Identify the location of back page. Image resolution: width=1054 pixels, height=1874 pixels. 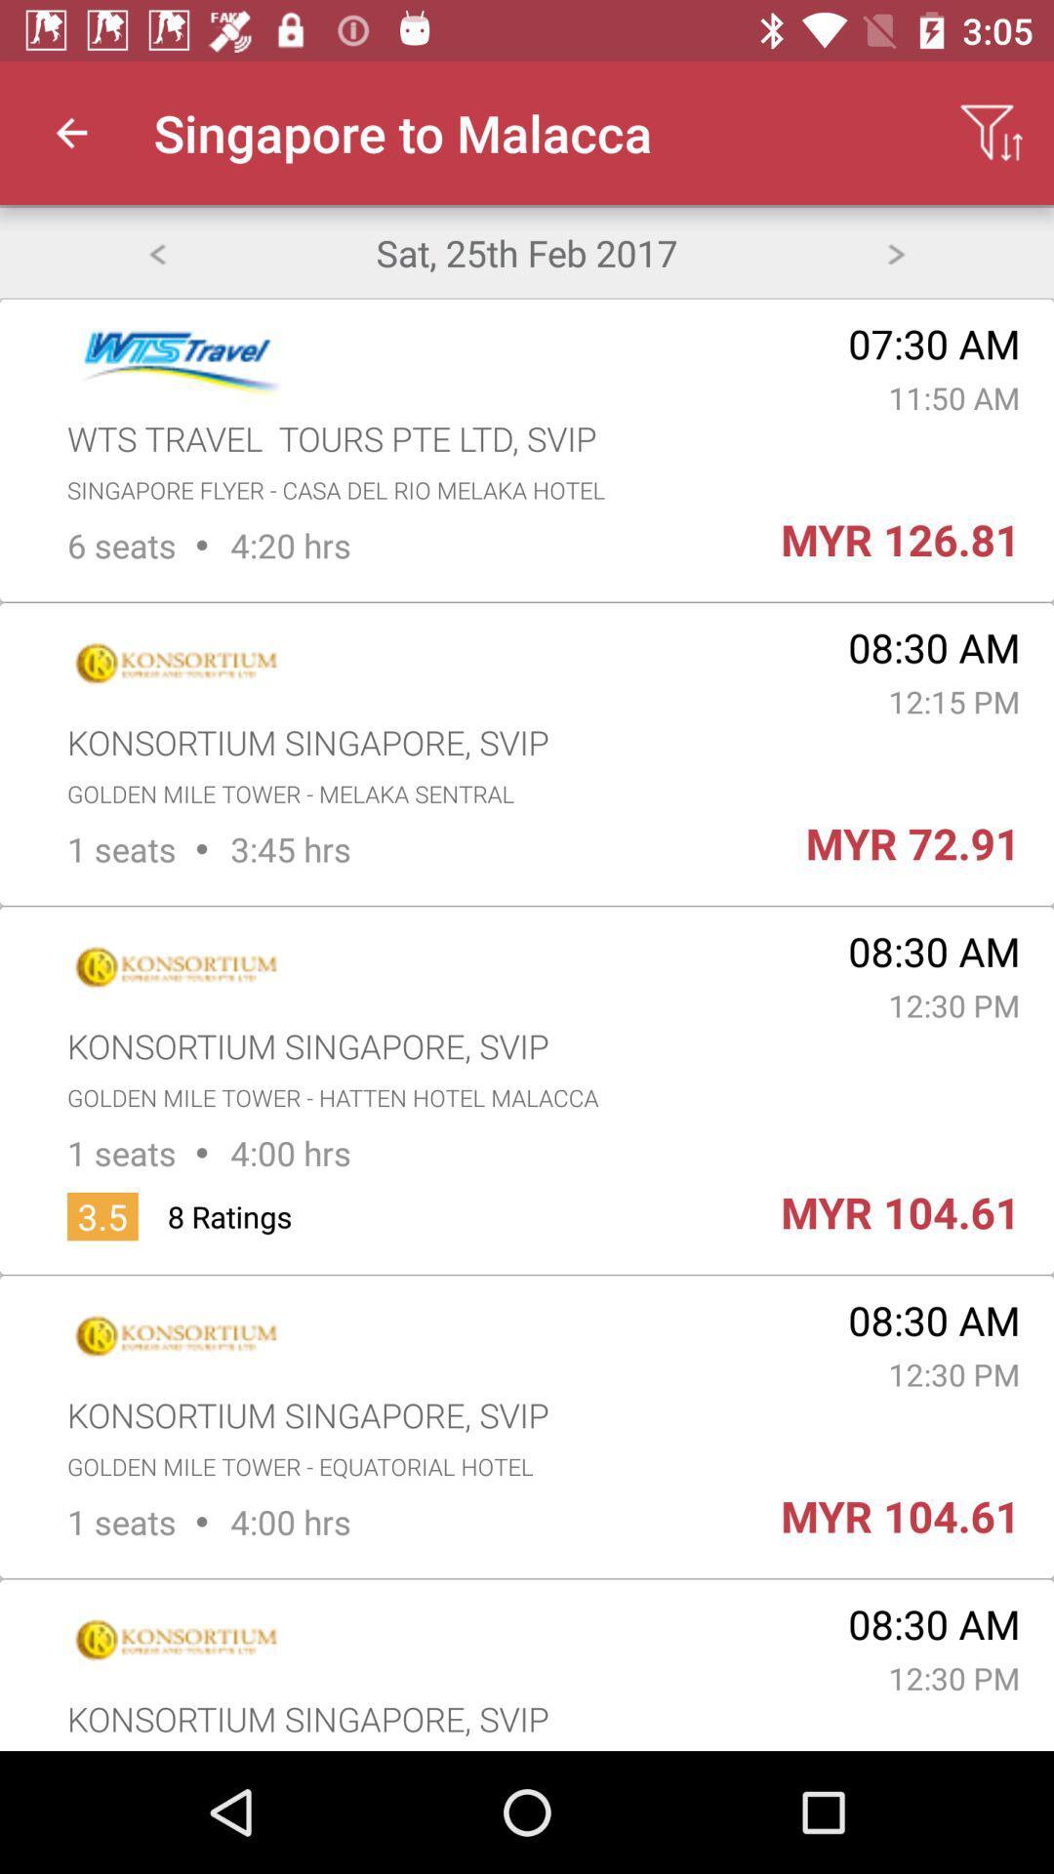
(155, 251).